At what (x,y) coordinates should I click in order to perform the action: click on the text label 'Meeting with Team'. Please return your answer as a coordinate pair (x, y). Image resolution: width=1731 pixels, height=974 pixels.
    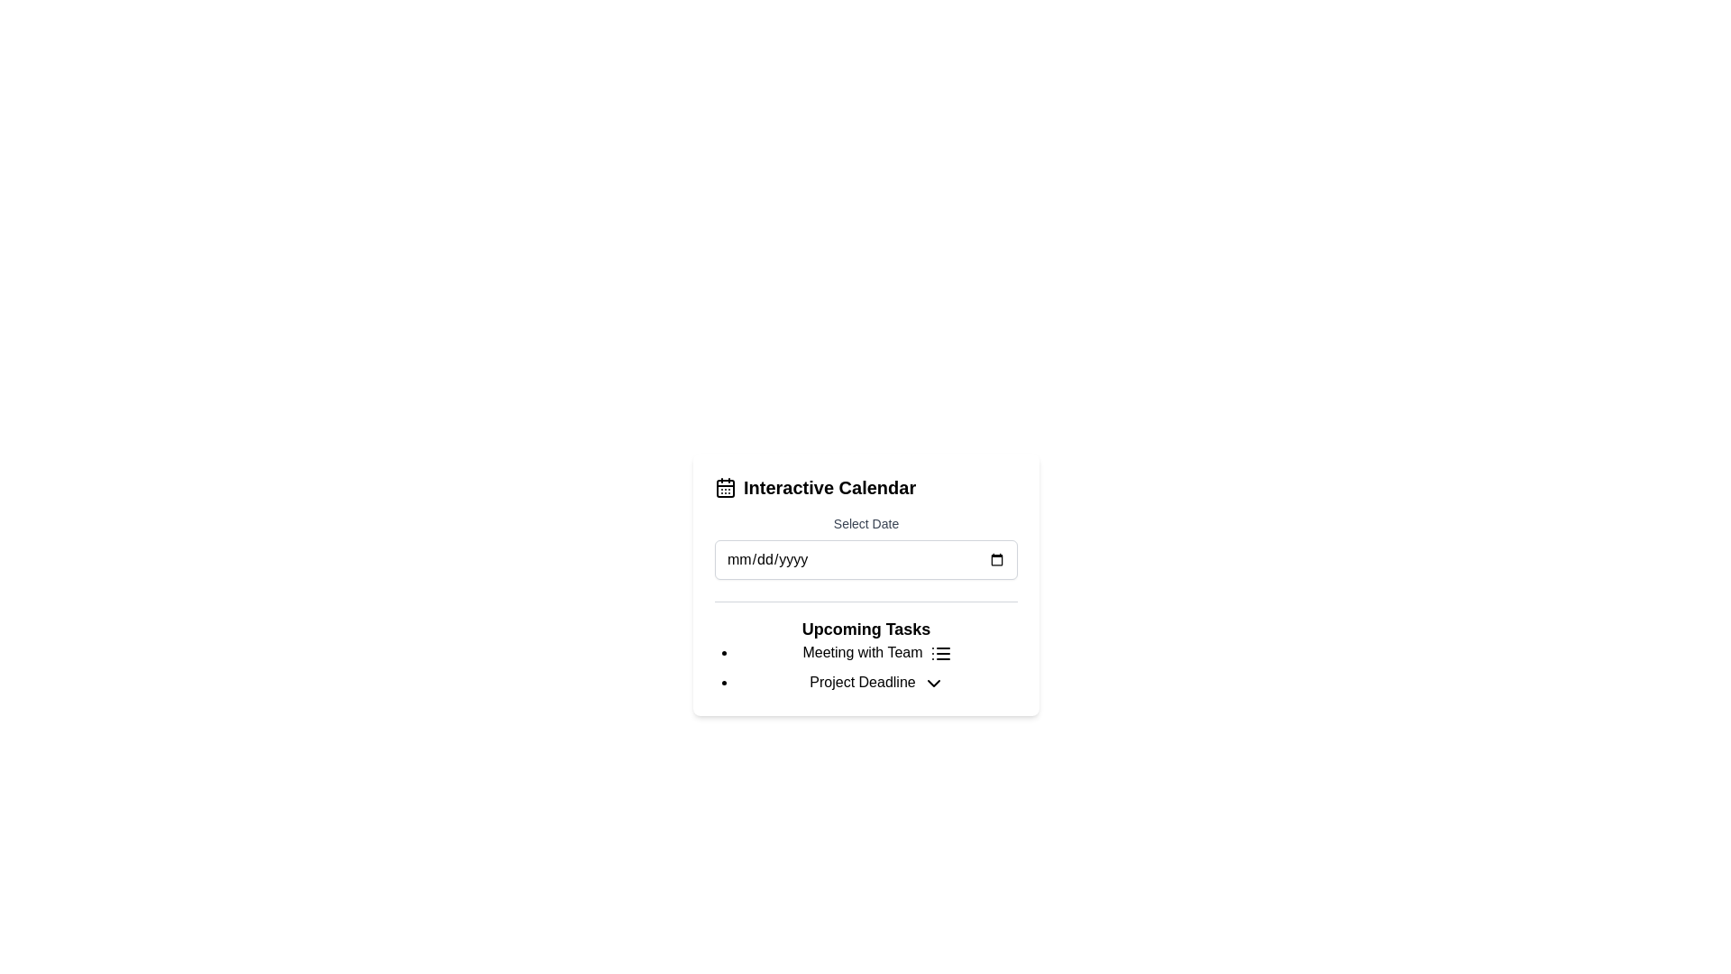
    Looking at the image, I should click on (861, 652).